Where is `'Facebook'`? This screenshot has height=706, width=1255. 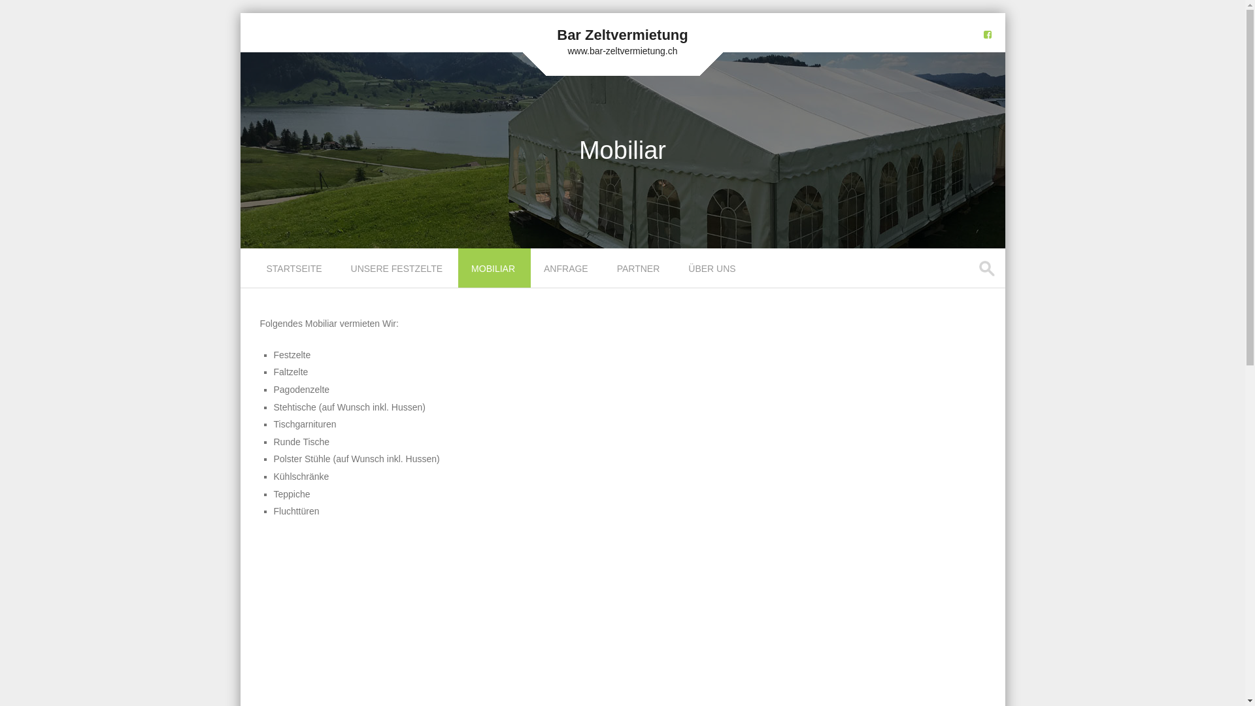
'Facebook' is located at coordinates (987, 34).